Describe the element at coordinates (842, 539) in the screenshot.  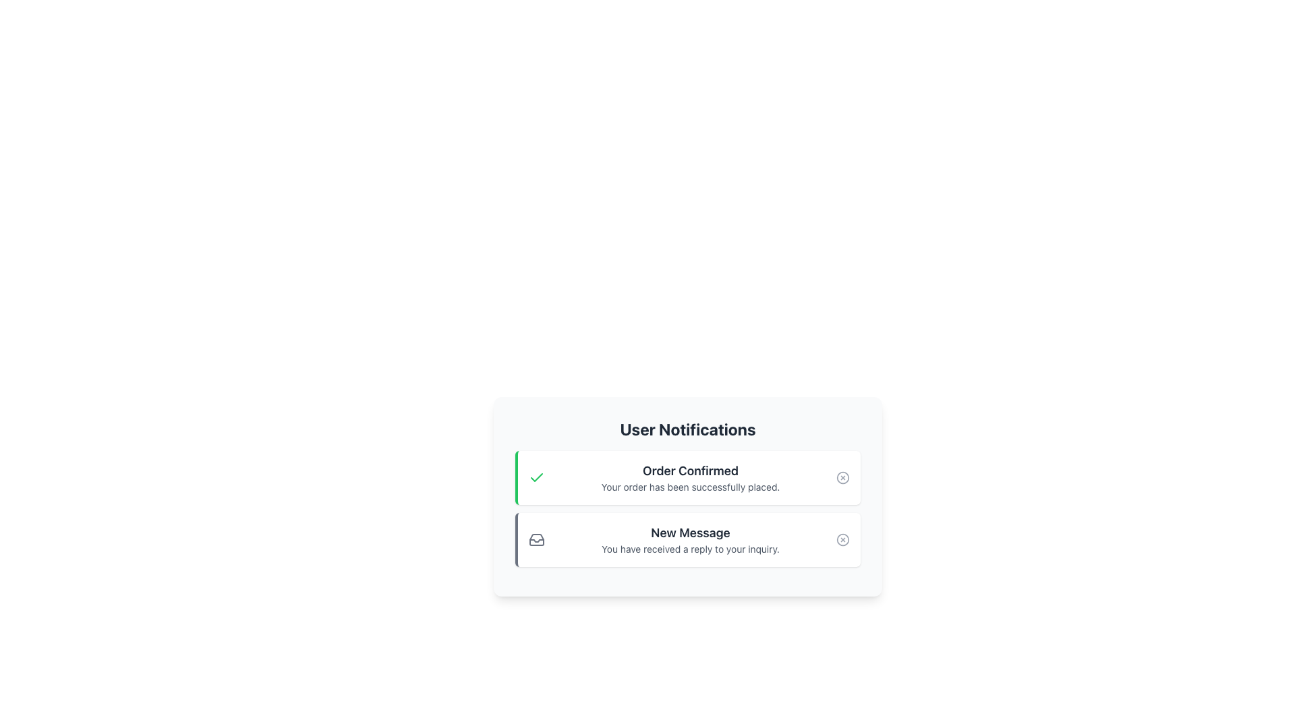
I see `the dismiss button, a small circular icon with a cross mark inside, located at the far right side of the 'New Message' notification card` at that location.